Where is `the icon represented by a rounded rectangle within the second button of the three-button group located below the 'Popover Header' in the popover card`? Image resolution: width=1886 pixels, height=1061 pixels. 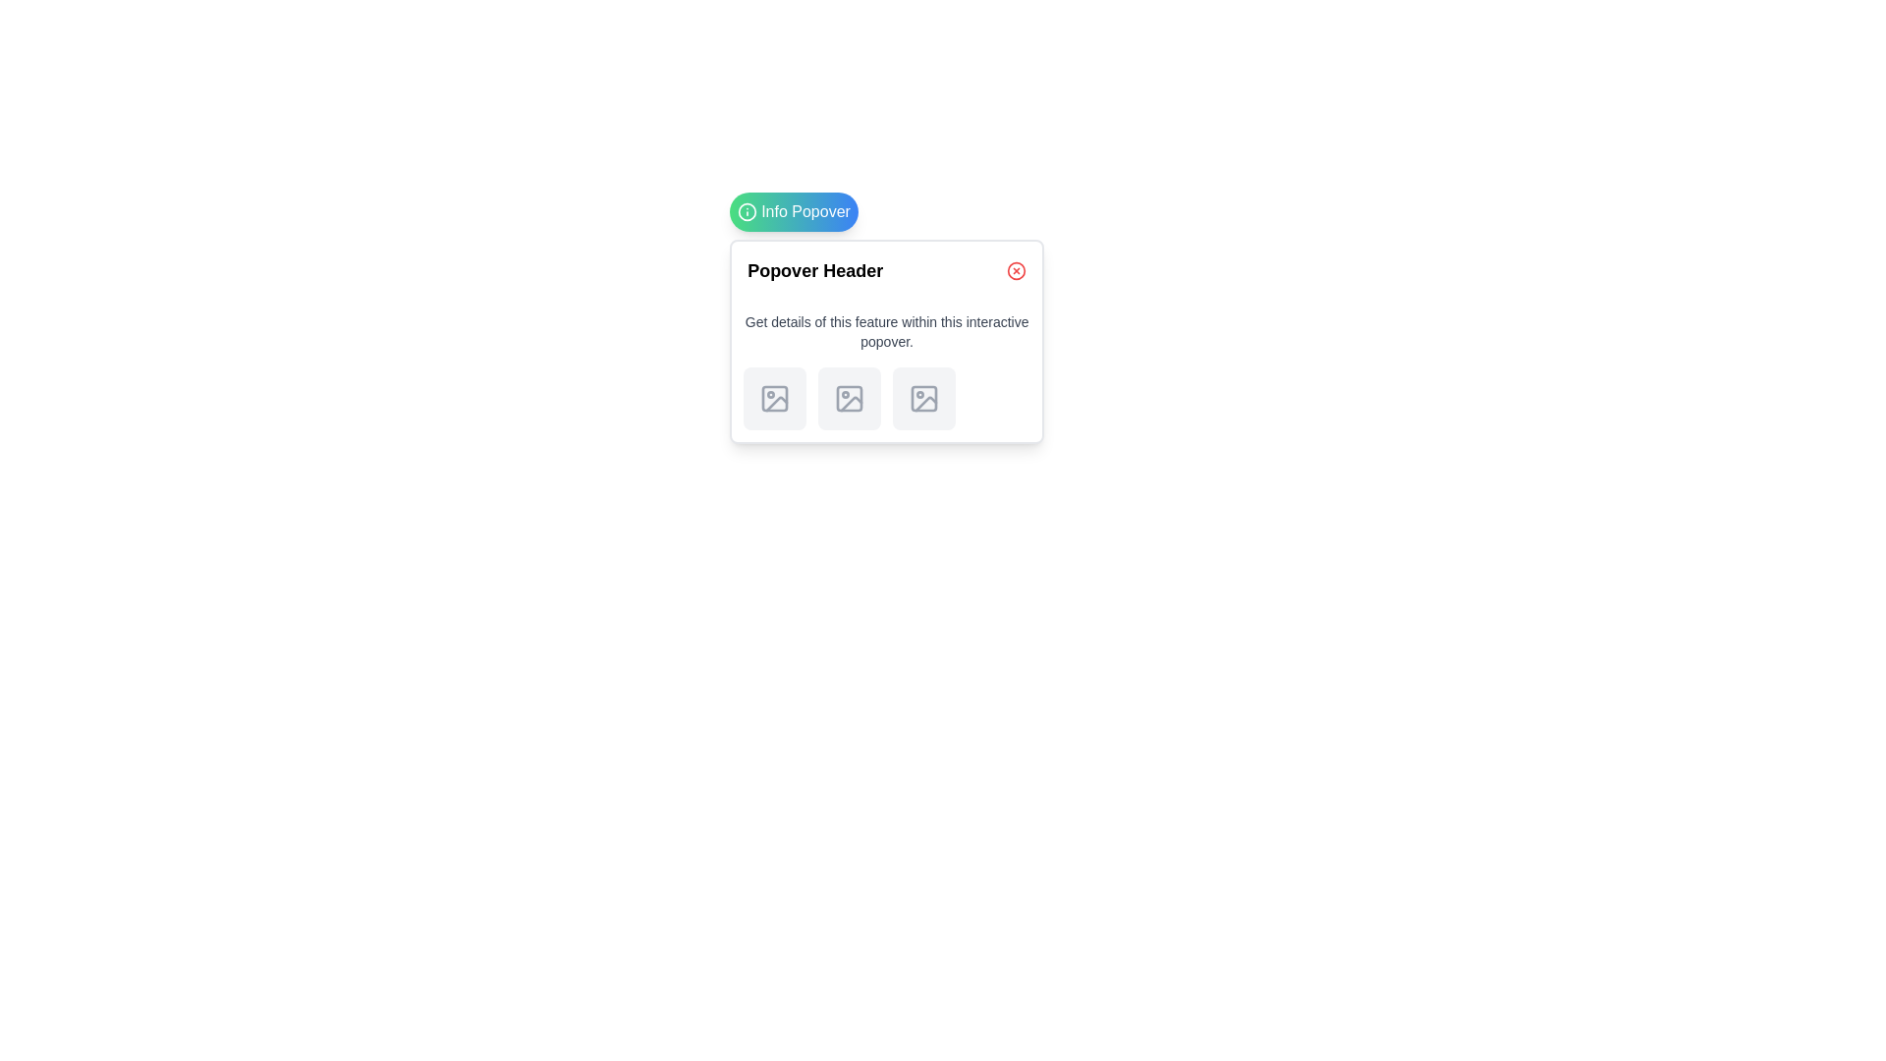 the icon represented by a rounded rectangle within the second button of the three-button group located below the 'Popover Header' in the popover card is located at coordinates (849, 398).